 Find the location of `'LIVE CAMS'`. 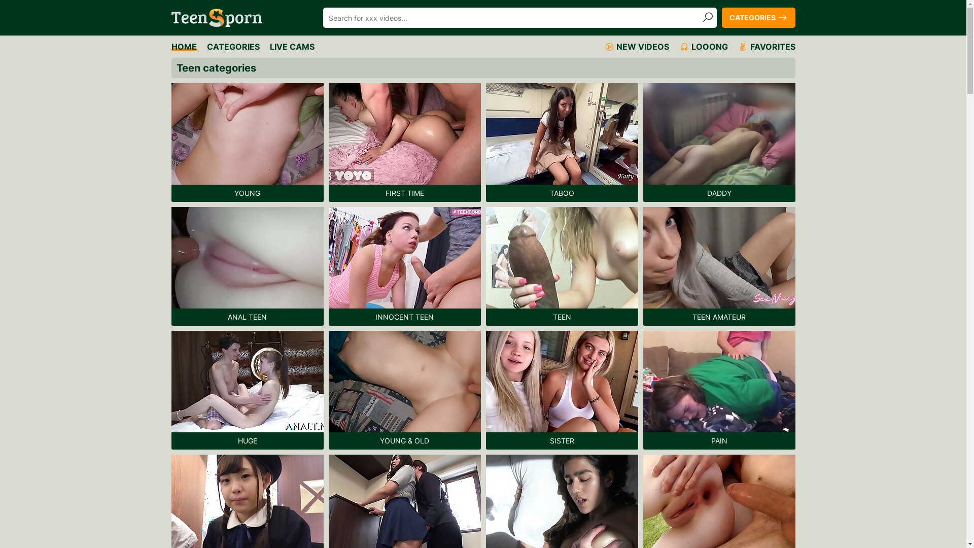

'LIVE CAMS' is located at coordinates (292, 47).